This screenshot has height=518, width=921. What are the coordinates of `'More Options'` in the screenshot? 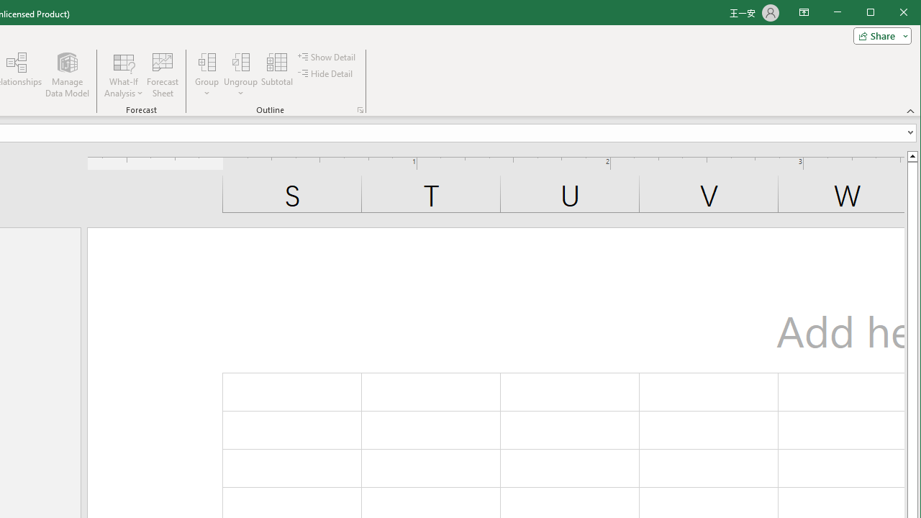 It's located at (240, 88).